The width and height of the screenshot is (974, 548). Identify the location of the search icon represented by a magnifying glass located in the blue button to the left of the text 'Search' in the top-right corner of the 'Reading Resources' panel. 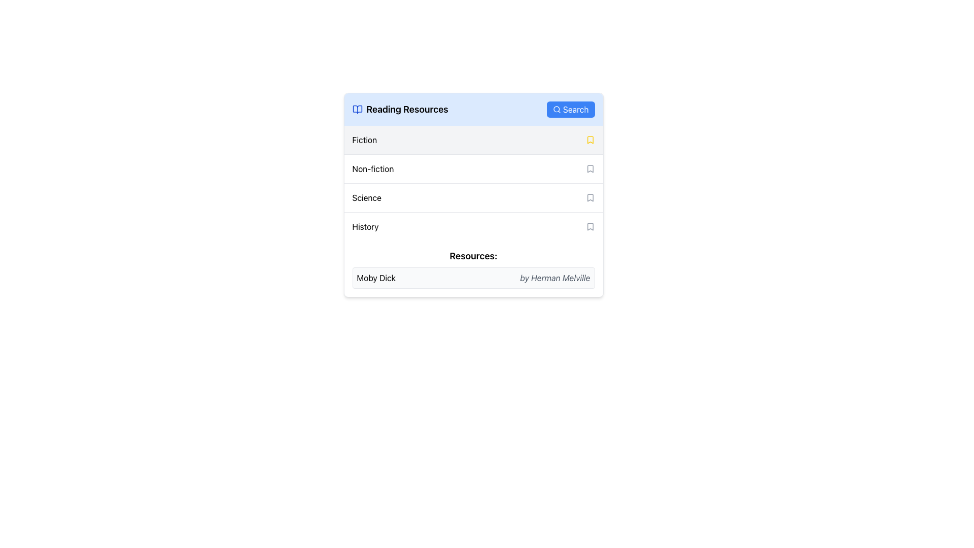
(556, 110).